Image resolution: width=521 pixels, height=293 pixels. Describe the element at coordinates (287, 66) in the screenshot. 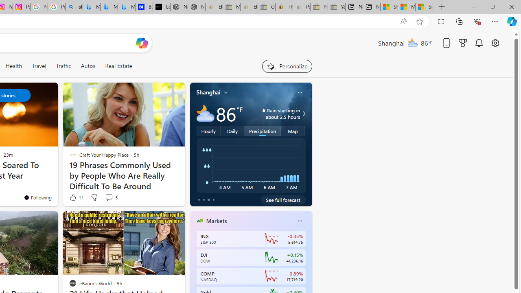

I see `'Personalize your feed"'` at that location.